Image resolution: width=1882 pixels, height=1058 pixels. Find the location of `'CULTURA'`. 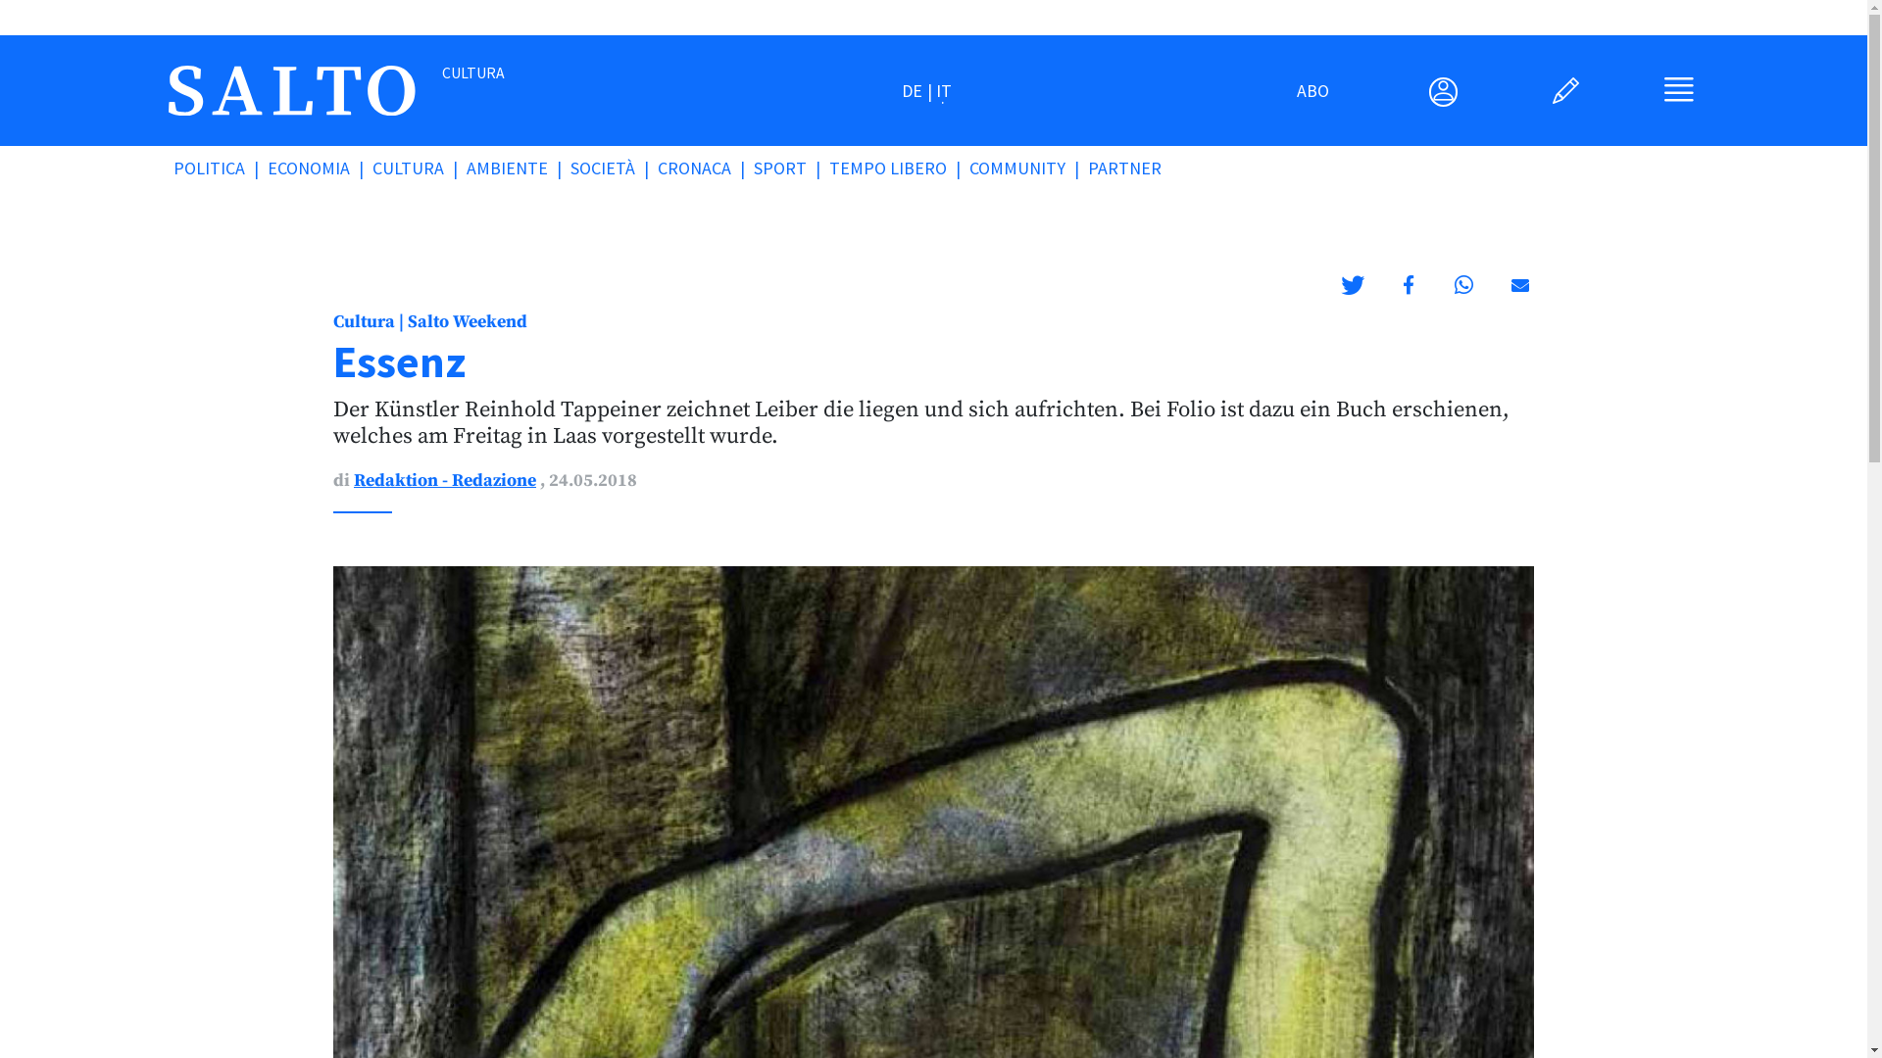

'CULTURA' is located at coordinates (371, 167).